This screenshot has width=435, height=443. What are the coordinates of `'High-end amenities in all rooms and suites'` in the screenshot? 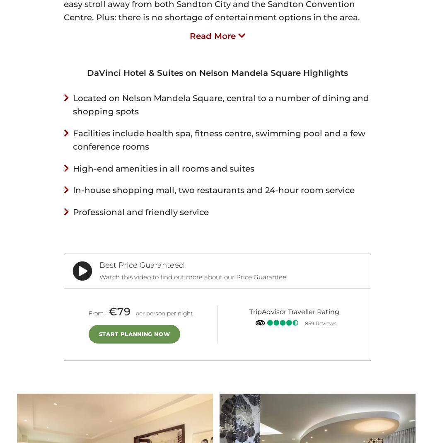 It's located at (164, 168).